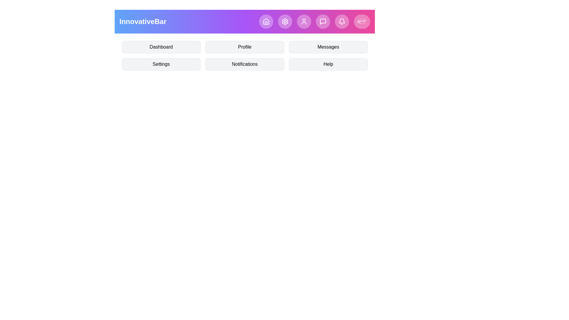 The height and width of the screenshot is (320, 569). Describe the element at coordinates (285, 21) in the screenshot. I see `the navigation icon corresponding to Settings` at that location.